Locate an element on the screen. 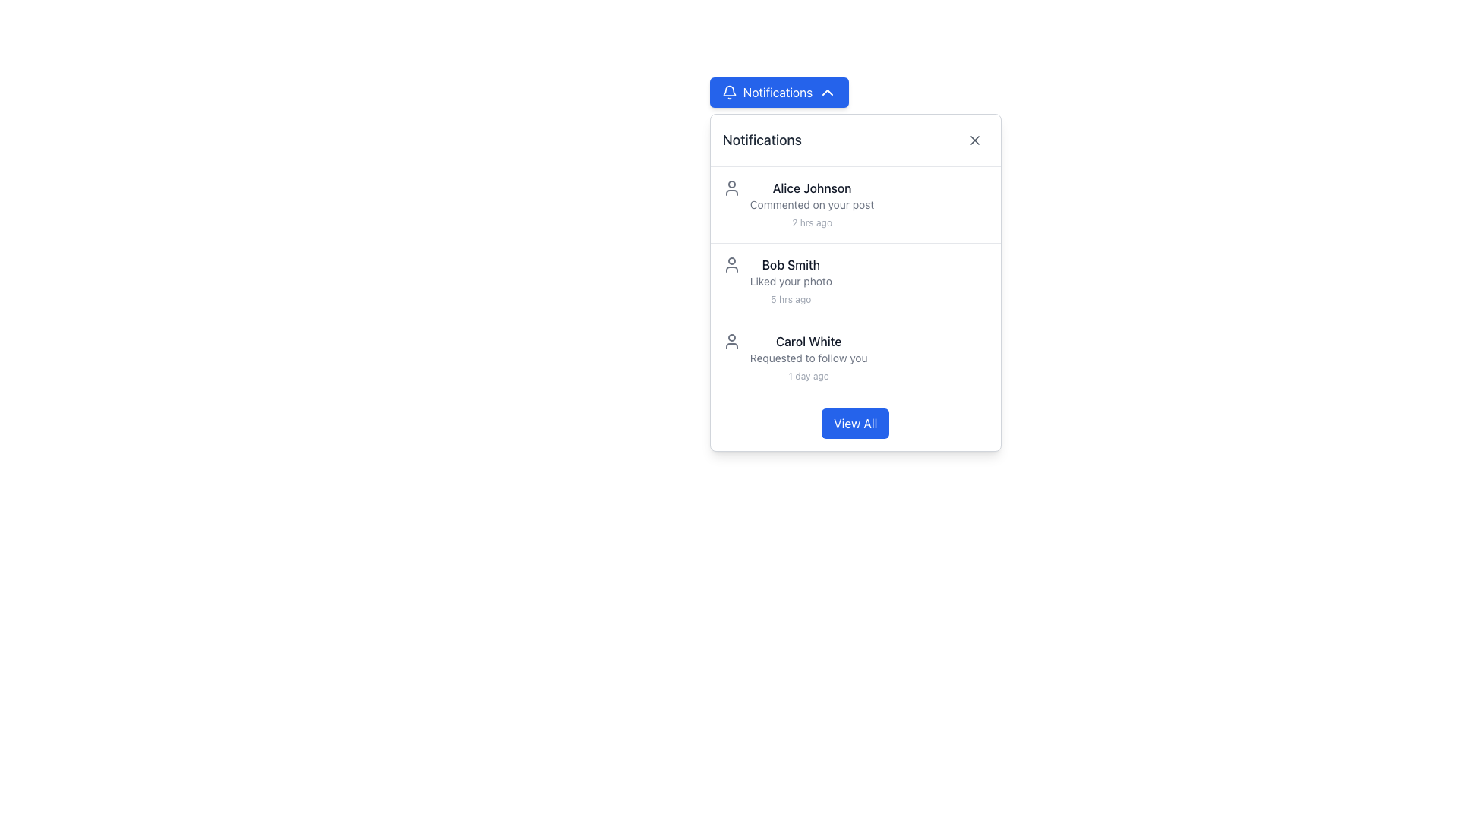 This screenshot has width=1458, height=820. text displayed on the Text Label at the top-left corner of the dropdown panel, which serves as a title for notifications is located at coordinates (762, 140).